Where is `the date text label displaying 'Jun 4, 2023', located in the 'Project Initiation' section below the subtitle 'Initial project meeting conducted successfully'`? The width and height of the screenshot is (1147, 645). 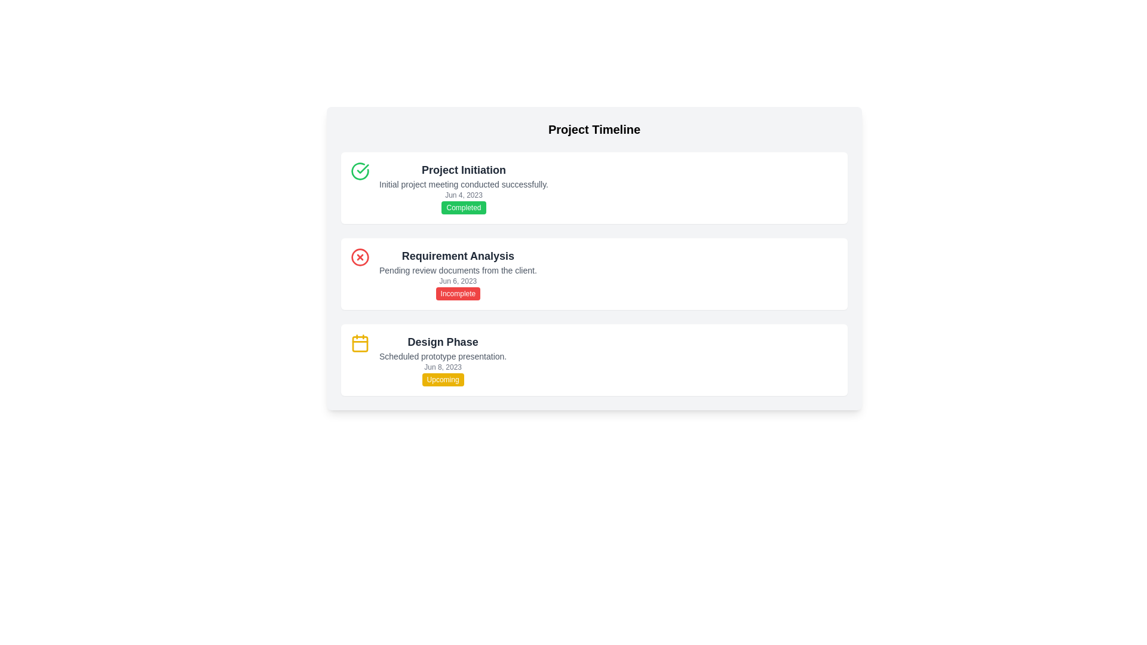 the date text label displaying 'Jun 4, 2023', located in the 'Project Initiation' section below the subtitle 'Initial project meeting conducted successfully' is located at coordinates (463, 195).